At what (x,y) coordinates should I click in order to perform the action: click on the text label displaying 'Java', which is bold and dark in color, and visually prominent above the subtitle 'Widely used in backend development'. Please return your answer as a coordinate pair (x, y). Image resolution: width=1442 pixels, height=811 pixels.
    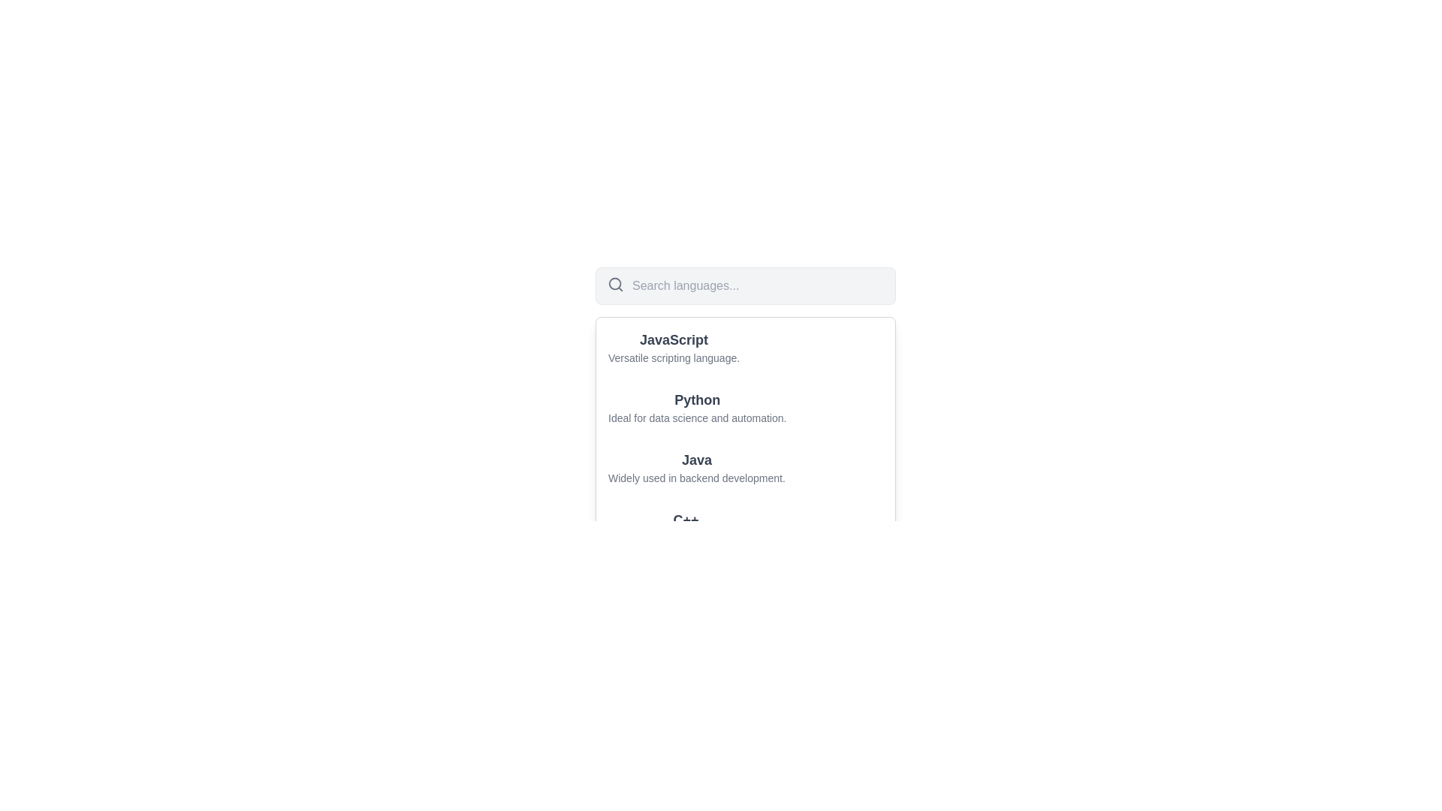
    Looking at the image, I should click on (695, 460).